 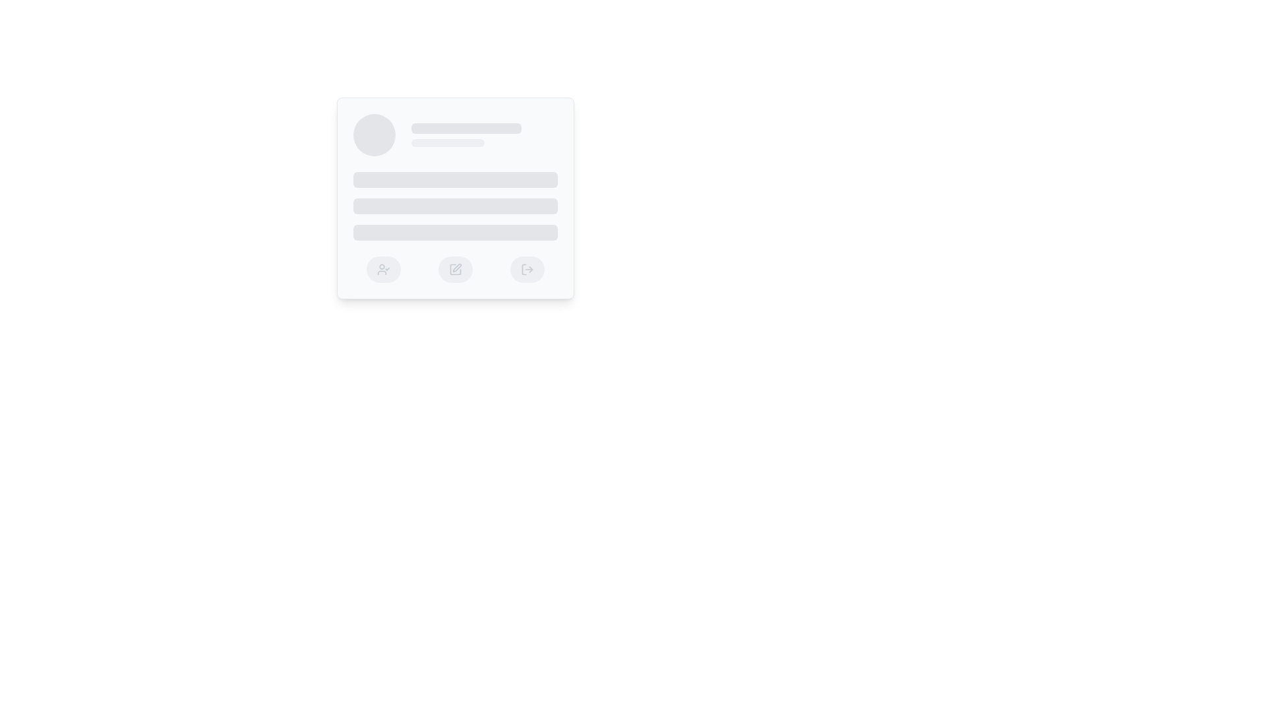 What do you see at coordinates (456, 268) in the screenshot?
I see `the icon representing a square with a pen overlay, located in the footer section of the UI card` at bounding box center [456, 268].